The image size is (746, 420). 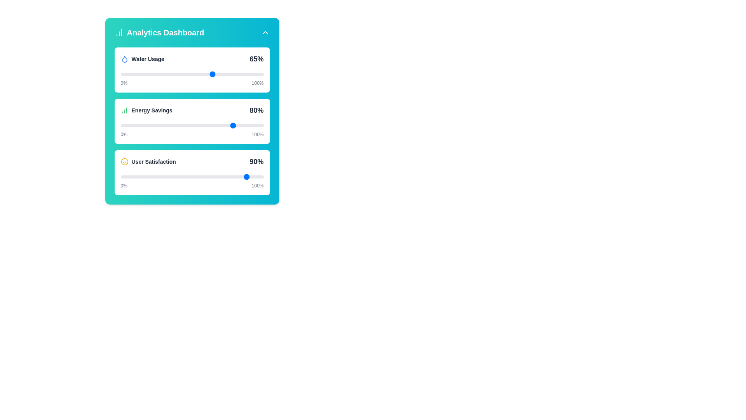 I want to click on the 'User Satisfaction' text label element located in the 'User Satisfaction' section of the card in the 'Analytics Dashboard', so click(x=153, y=161).